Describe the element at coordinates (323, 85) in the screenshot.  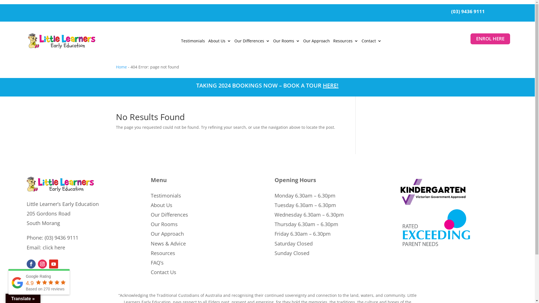
I see `'HERE'` at that location.